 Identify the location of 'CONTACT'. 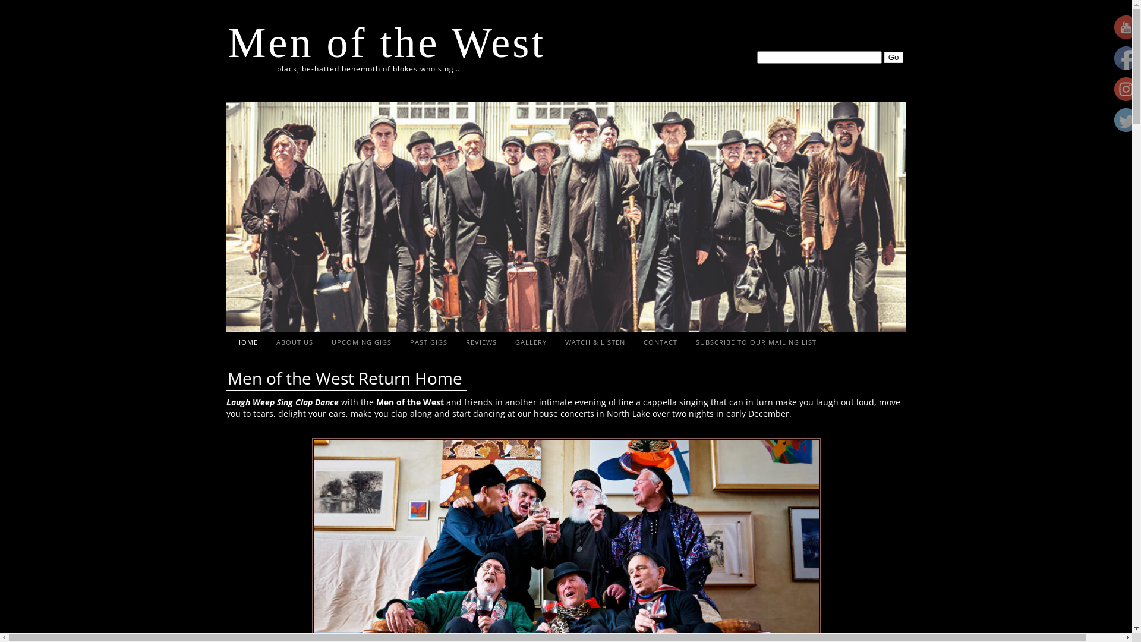
(660, 341).